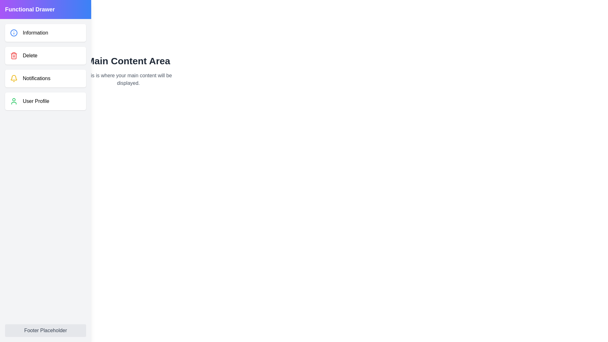  Describe the element at coordinates (14, 56) in the screenshot. I see `the trash icon located within the 'Delete' button on the left sidebar, which is the second option from the top` at that location.